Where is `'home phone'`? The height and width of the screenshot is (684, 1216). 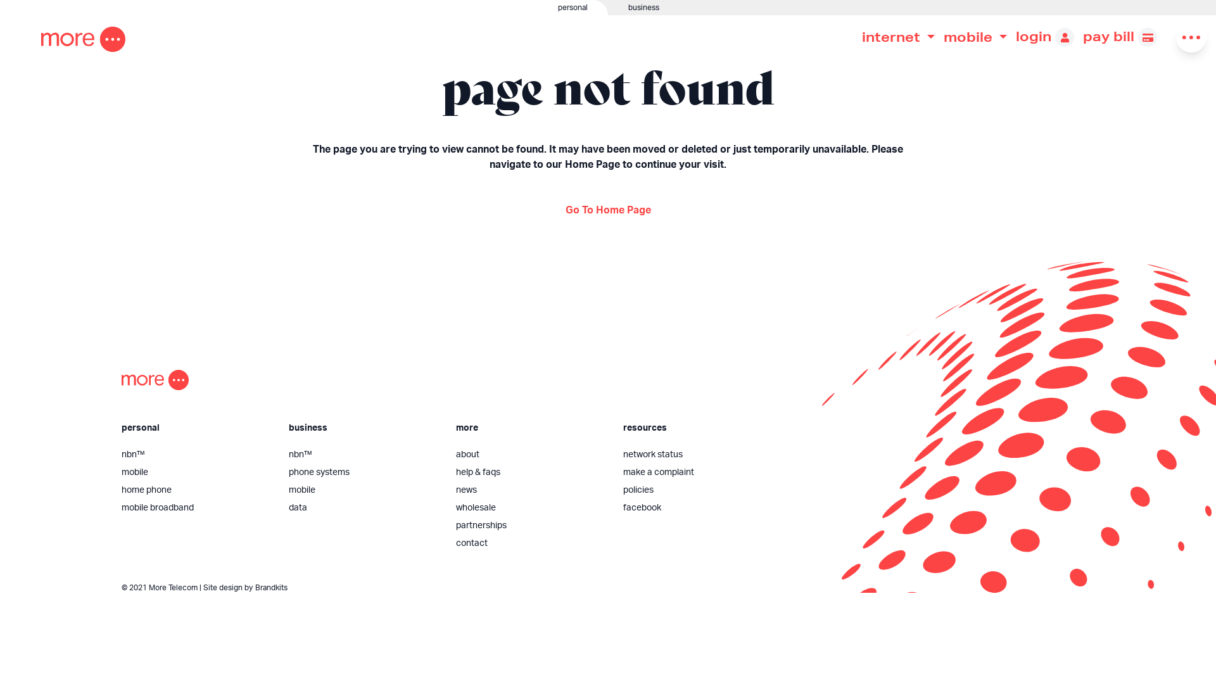
'home phone' is located at coordinates (194, 490).